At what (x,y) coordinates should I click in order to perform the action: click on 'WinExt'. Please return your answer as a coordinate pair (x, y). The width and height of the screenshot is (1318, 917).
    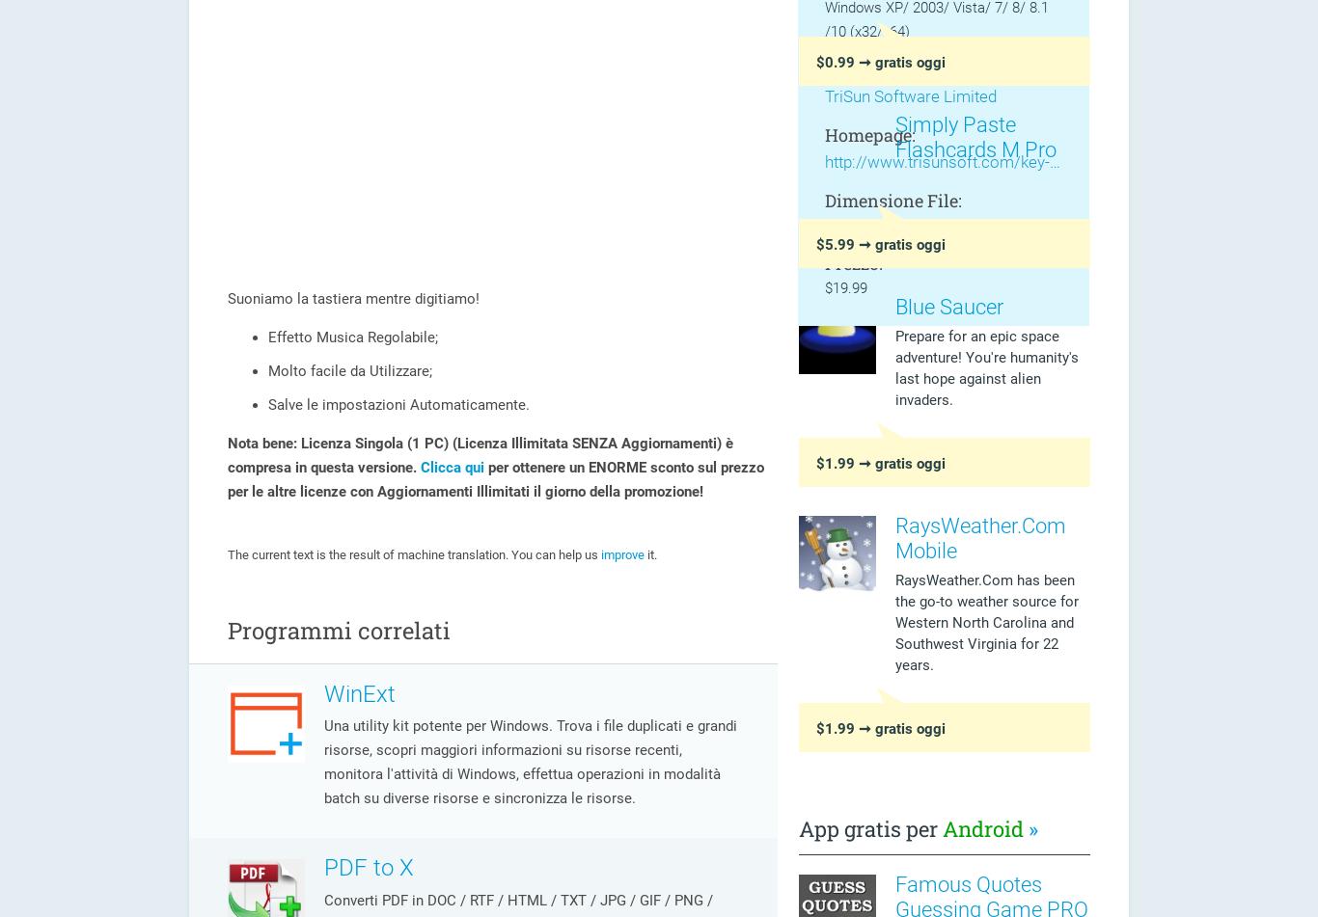
    Looking at the image, I should click on (359, 691).